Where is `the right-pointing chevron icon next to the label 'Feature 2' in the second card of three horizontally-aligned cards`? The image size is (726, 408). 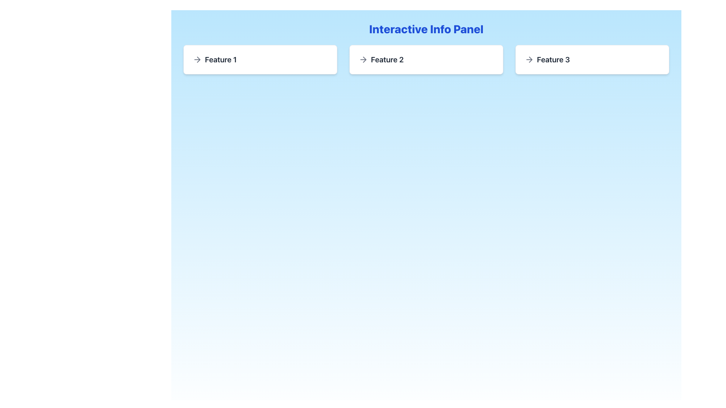 the right-pointing chevron icon next to the label 'Feature 2' in the second card of three horizontally-aligned cards is located at coordinates (365, 59).